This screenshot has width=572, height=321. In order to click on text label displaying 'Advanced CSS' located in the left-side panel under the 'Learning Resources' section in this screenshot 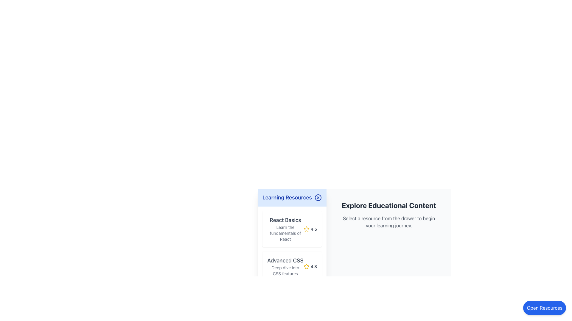, I will do `click(285, 260)`.